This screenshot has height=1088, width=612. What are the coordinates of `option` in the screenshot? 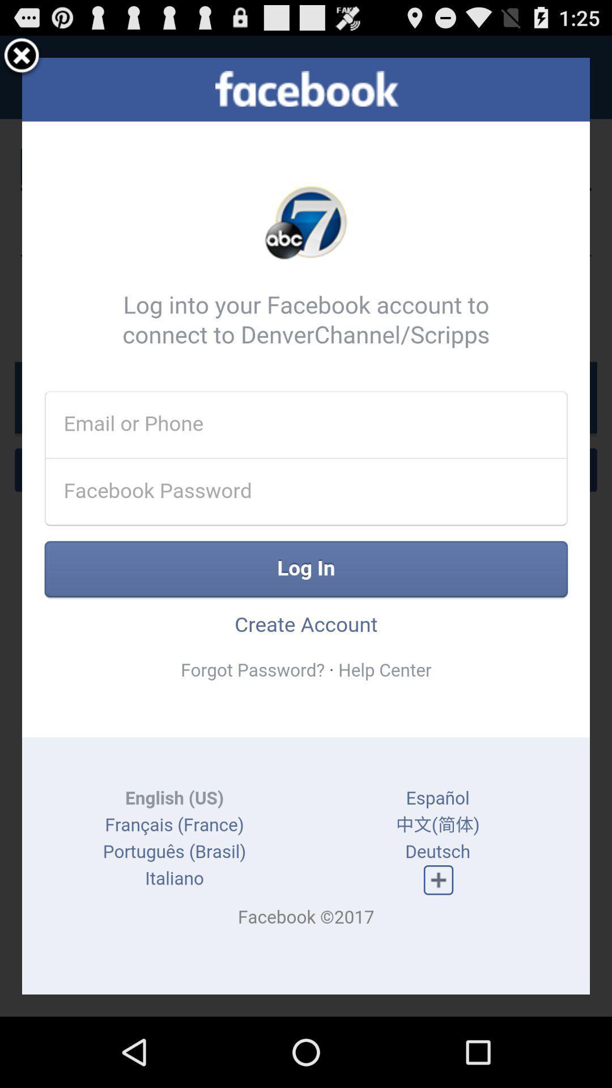 It's located at (22, 57).